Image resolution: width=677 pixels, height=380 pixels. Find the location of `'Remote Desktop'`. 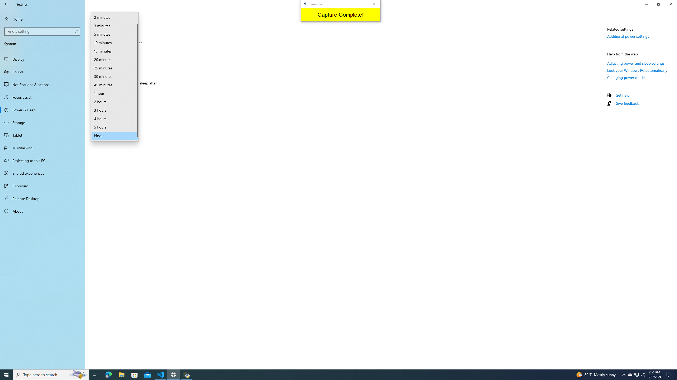

'Remote Desktop' is located at coordinates (42, 198).